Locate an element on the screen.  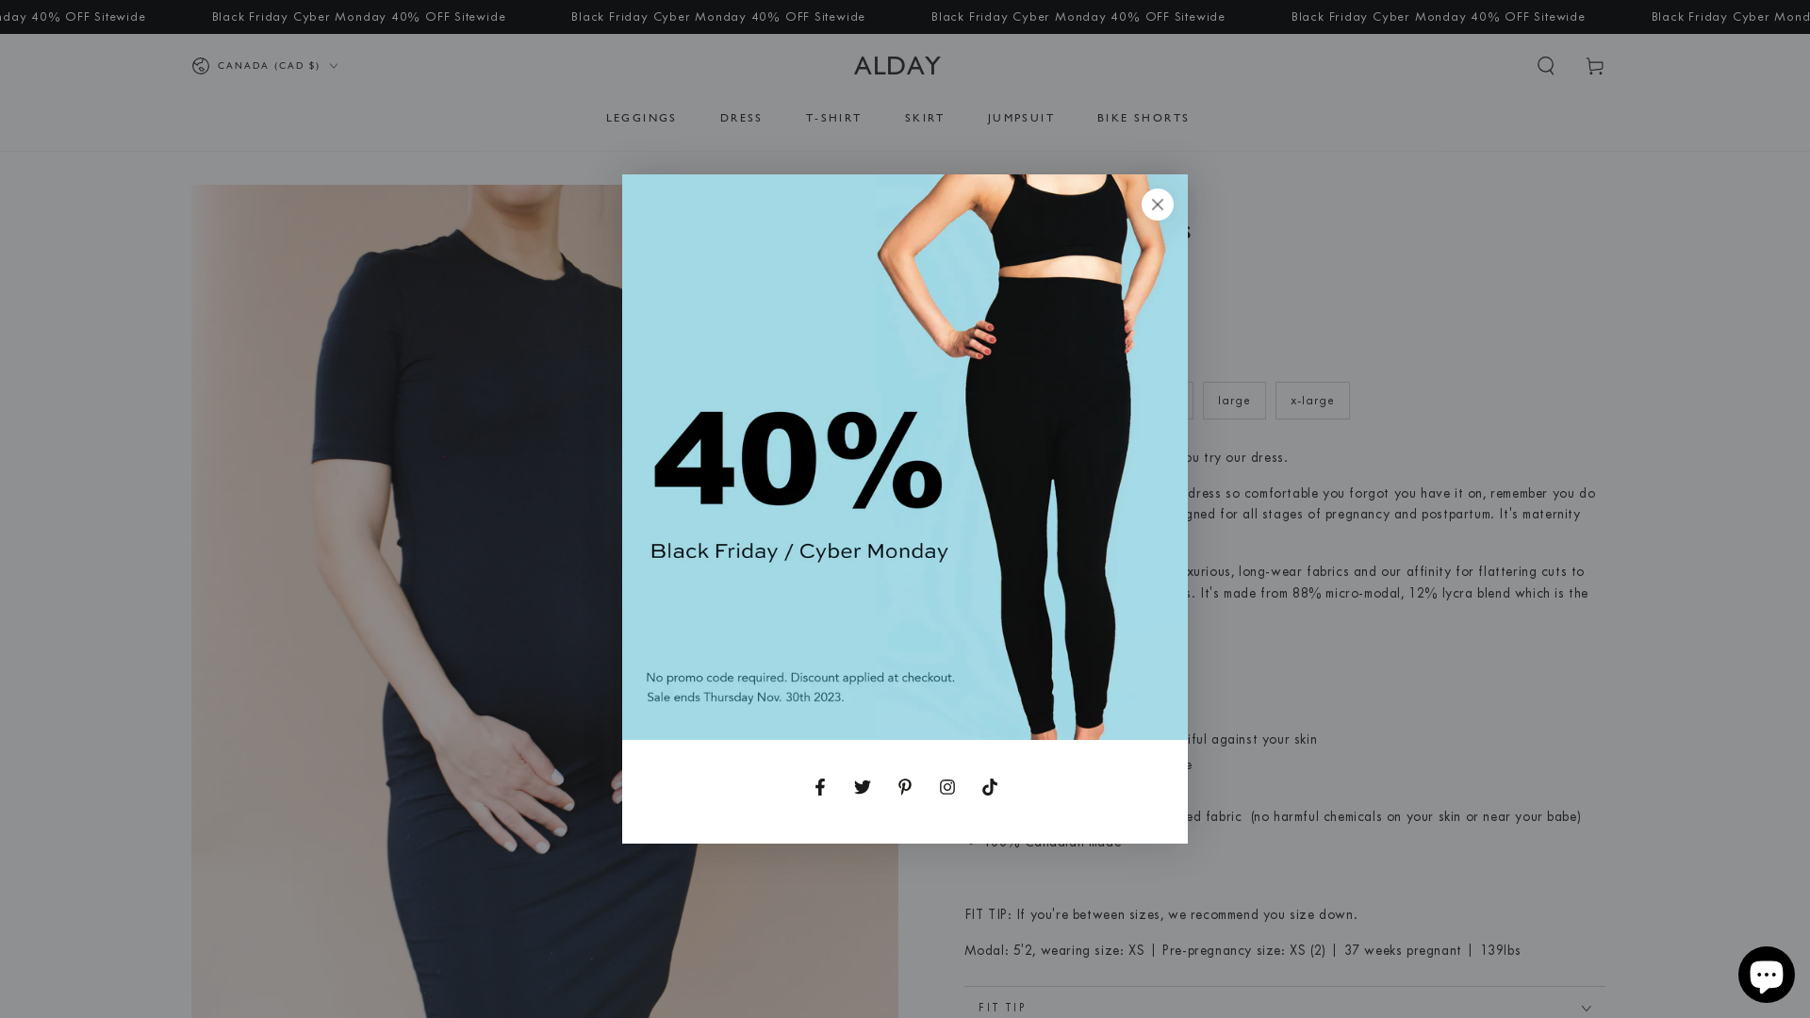
'TikTok' is located at coordinates (989, 786).